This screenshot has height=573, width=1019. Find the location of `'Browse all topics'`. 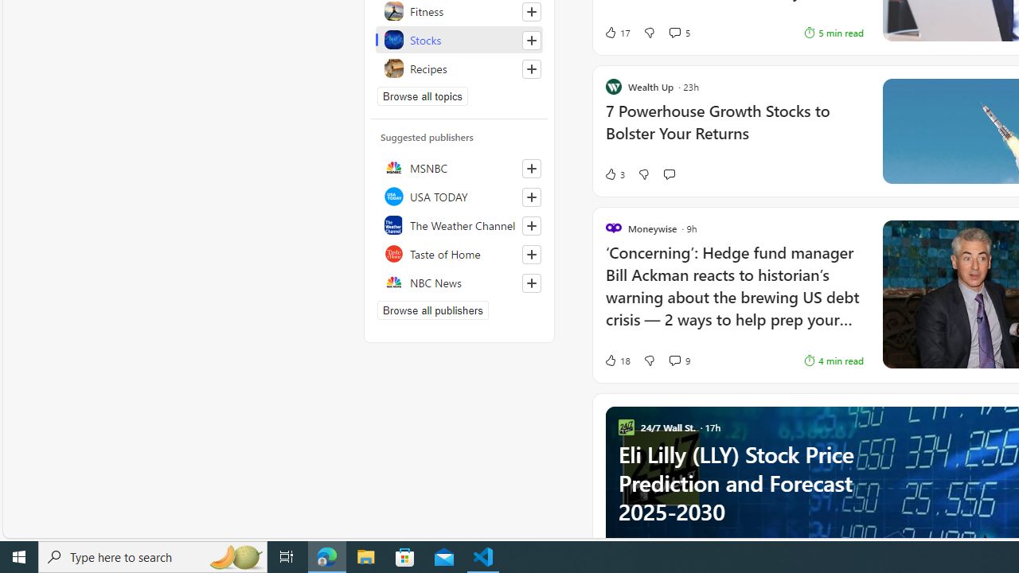

'Browse all topics' is located at coordinates (423, 95).